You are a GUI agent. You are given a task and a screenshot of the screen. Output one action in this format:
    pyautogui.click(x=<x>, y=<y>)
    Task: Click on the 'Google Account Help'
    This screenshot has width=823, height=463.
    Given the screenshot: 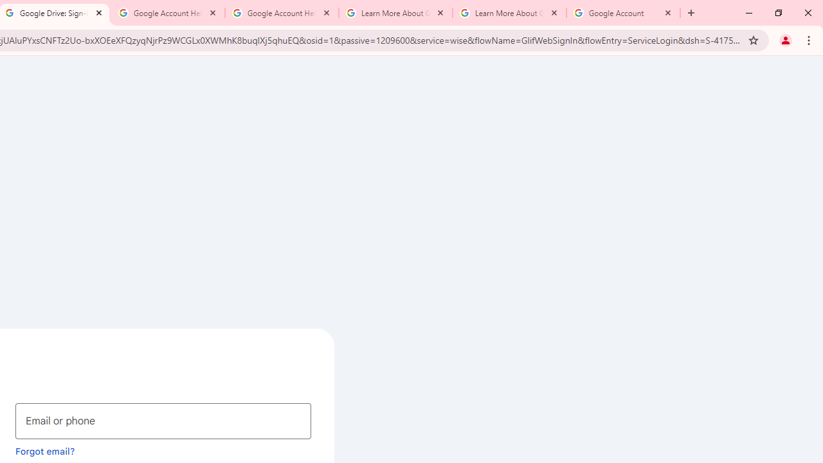 What is the action you would take?
    pyautogui.click(x=281, y=13)
    